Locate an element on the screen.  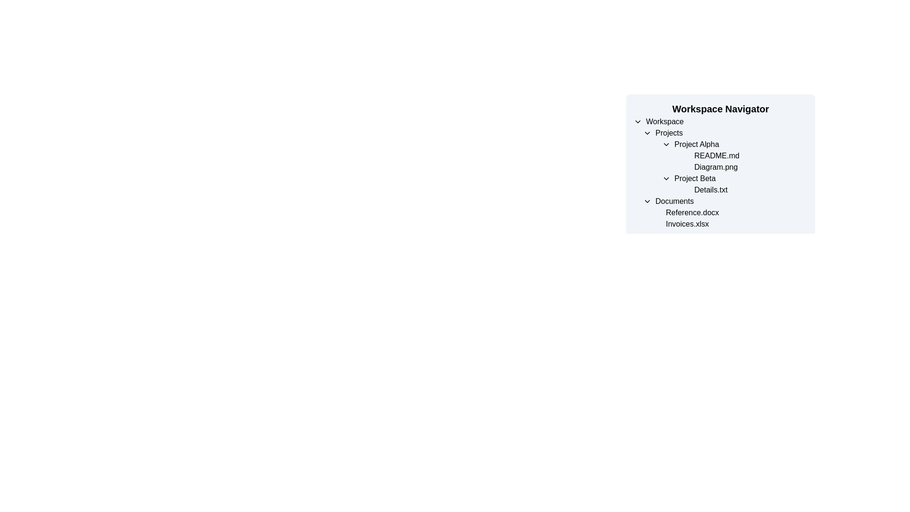
the heading element that serves as a label for the workspace navigation section, which is located above a hierarchical list of items is located at coordinates (720, 109).